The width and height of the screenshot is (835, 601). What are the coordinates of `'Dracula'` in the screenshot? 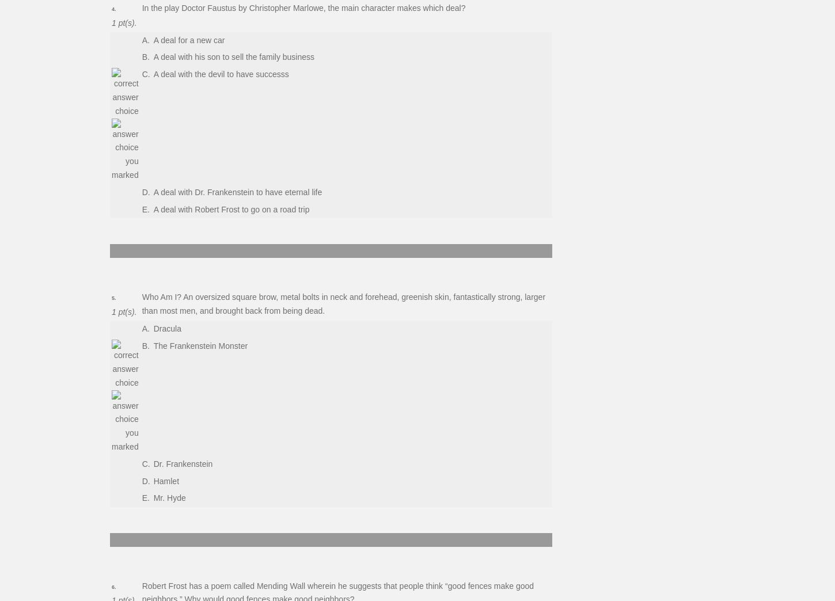 It's located at (167, 328).